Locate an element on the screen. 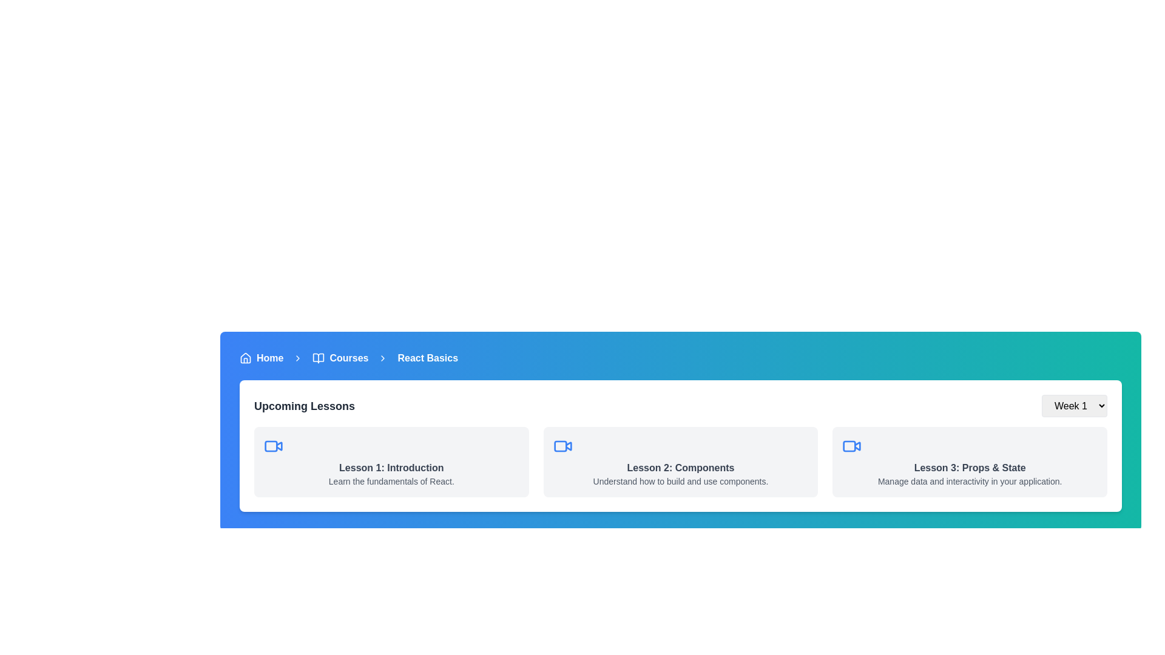 This screenshot has height=655, width=1165. the static text displaying 'Learn the fundamentals of React.' which is styled in gray and located within a card below 'Lesson 1: Introduction' is located at coordinates (391, 481).